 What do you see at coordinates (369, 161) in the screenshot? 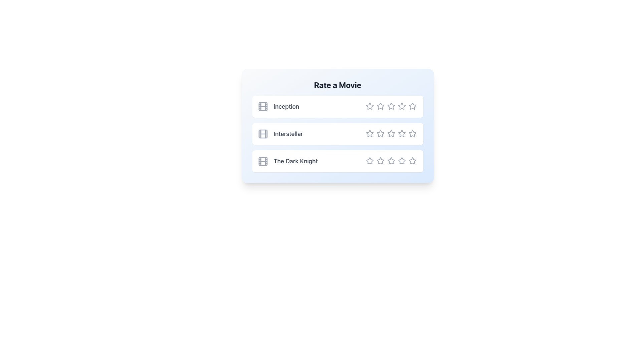
I see `keyboard navigation` at bounding box center [369, 161].